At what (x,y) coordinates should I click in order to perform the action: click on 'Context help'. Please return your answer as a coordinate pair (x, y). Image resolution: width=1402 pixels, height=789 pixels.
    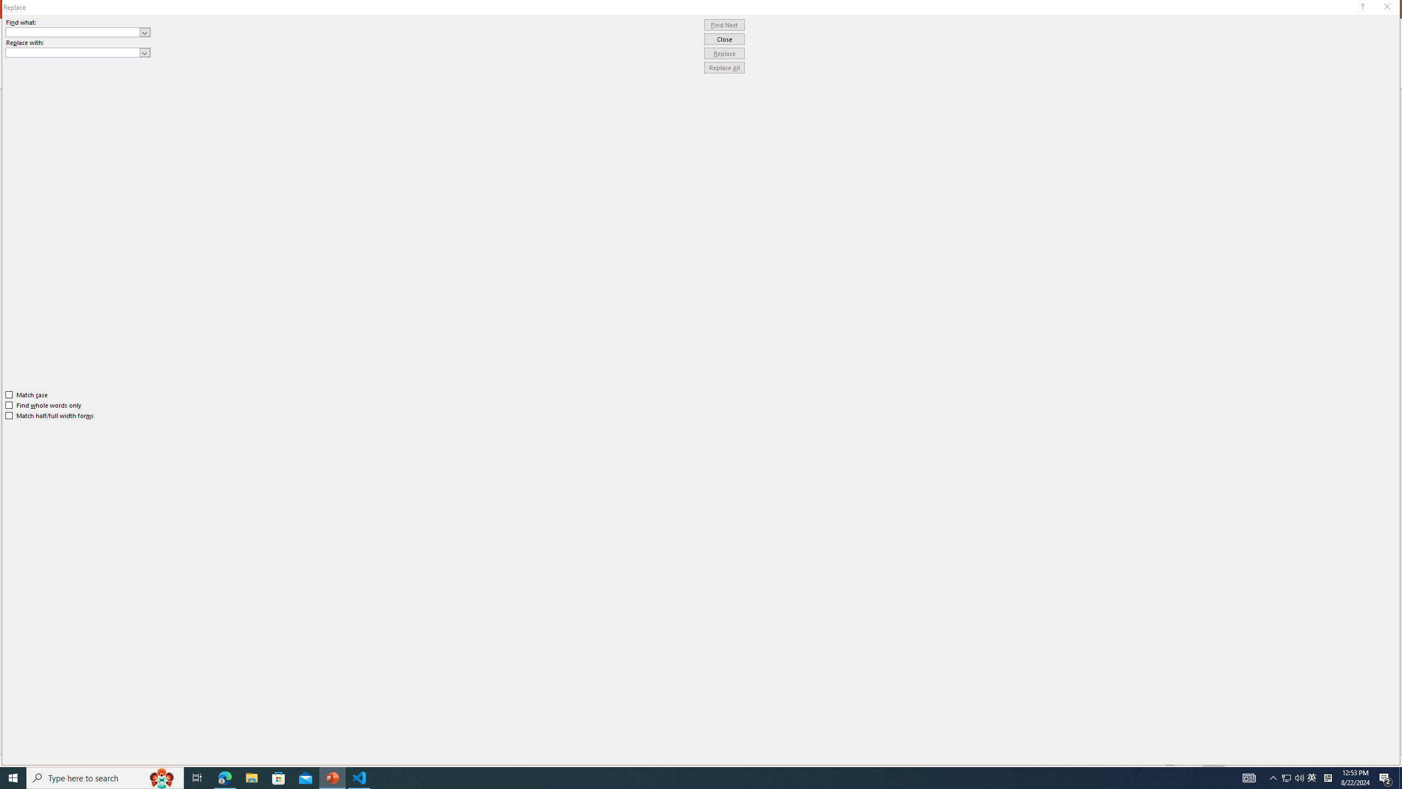
    Looking at the image, I should click on (1360, 8).